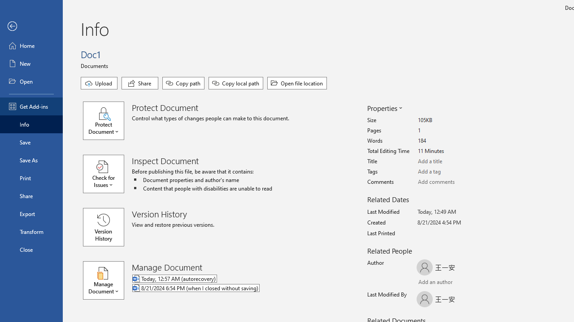 This screenshot has width=574, height=322. I want to click on 'Browse Address Book', so click(469, 283).